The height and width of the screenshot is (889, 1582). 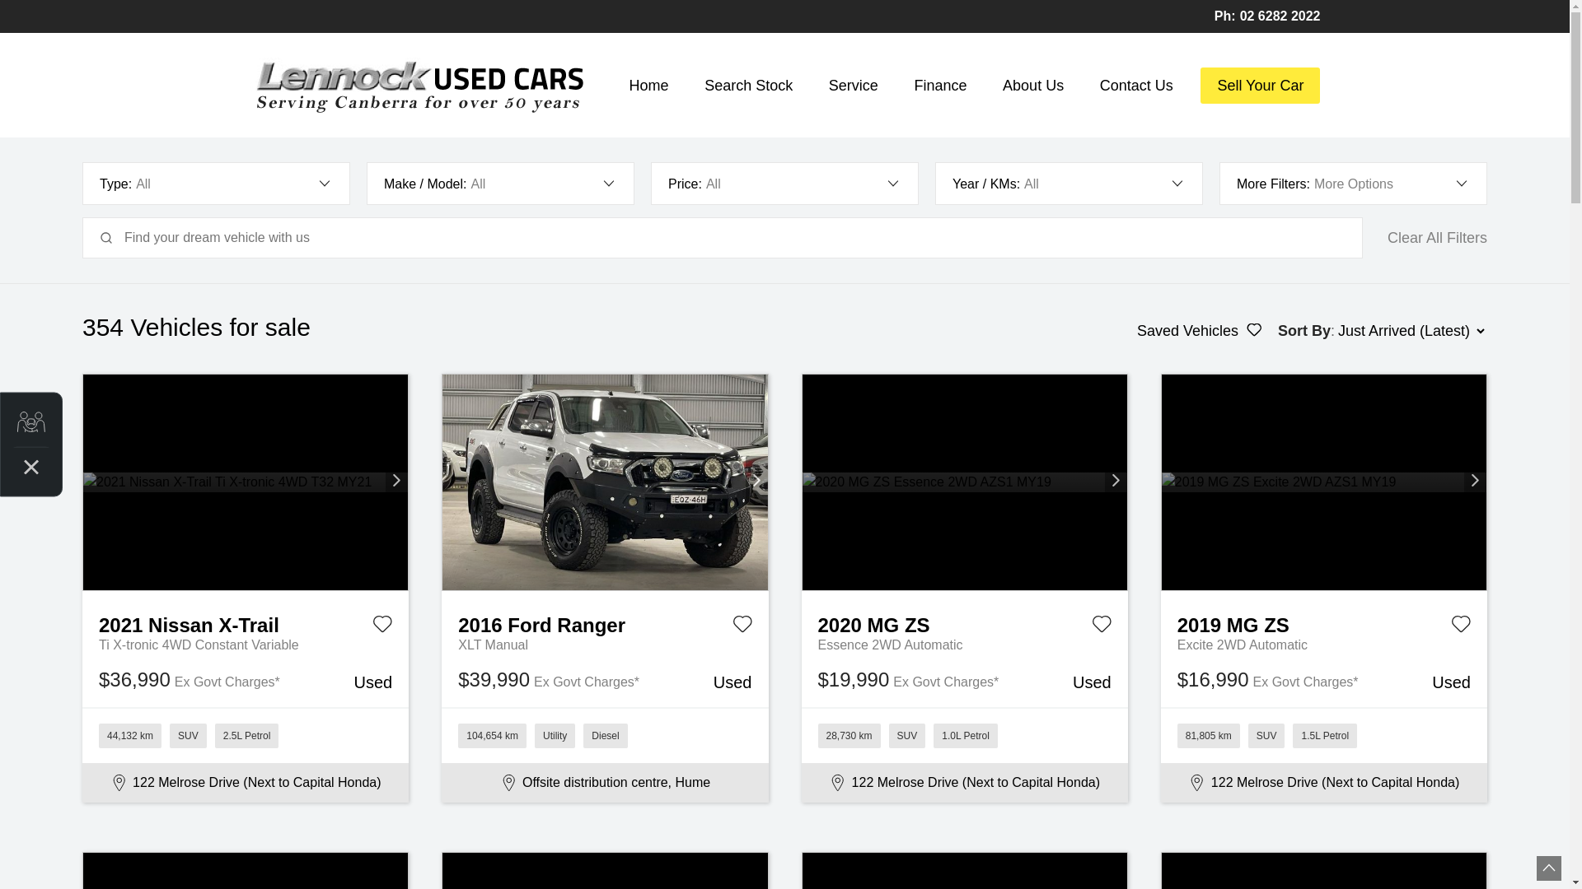 What do you see at coordinates (244, 681) in the screenshot?
I see `'$36,990` at bounding box center [244, 681].